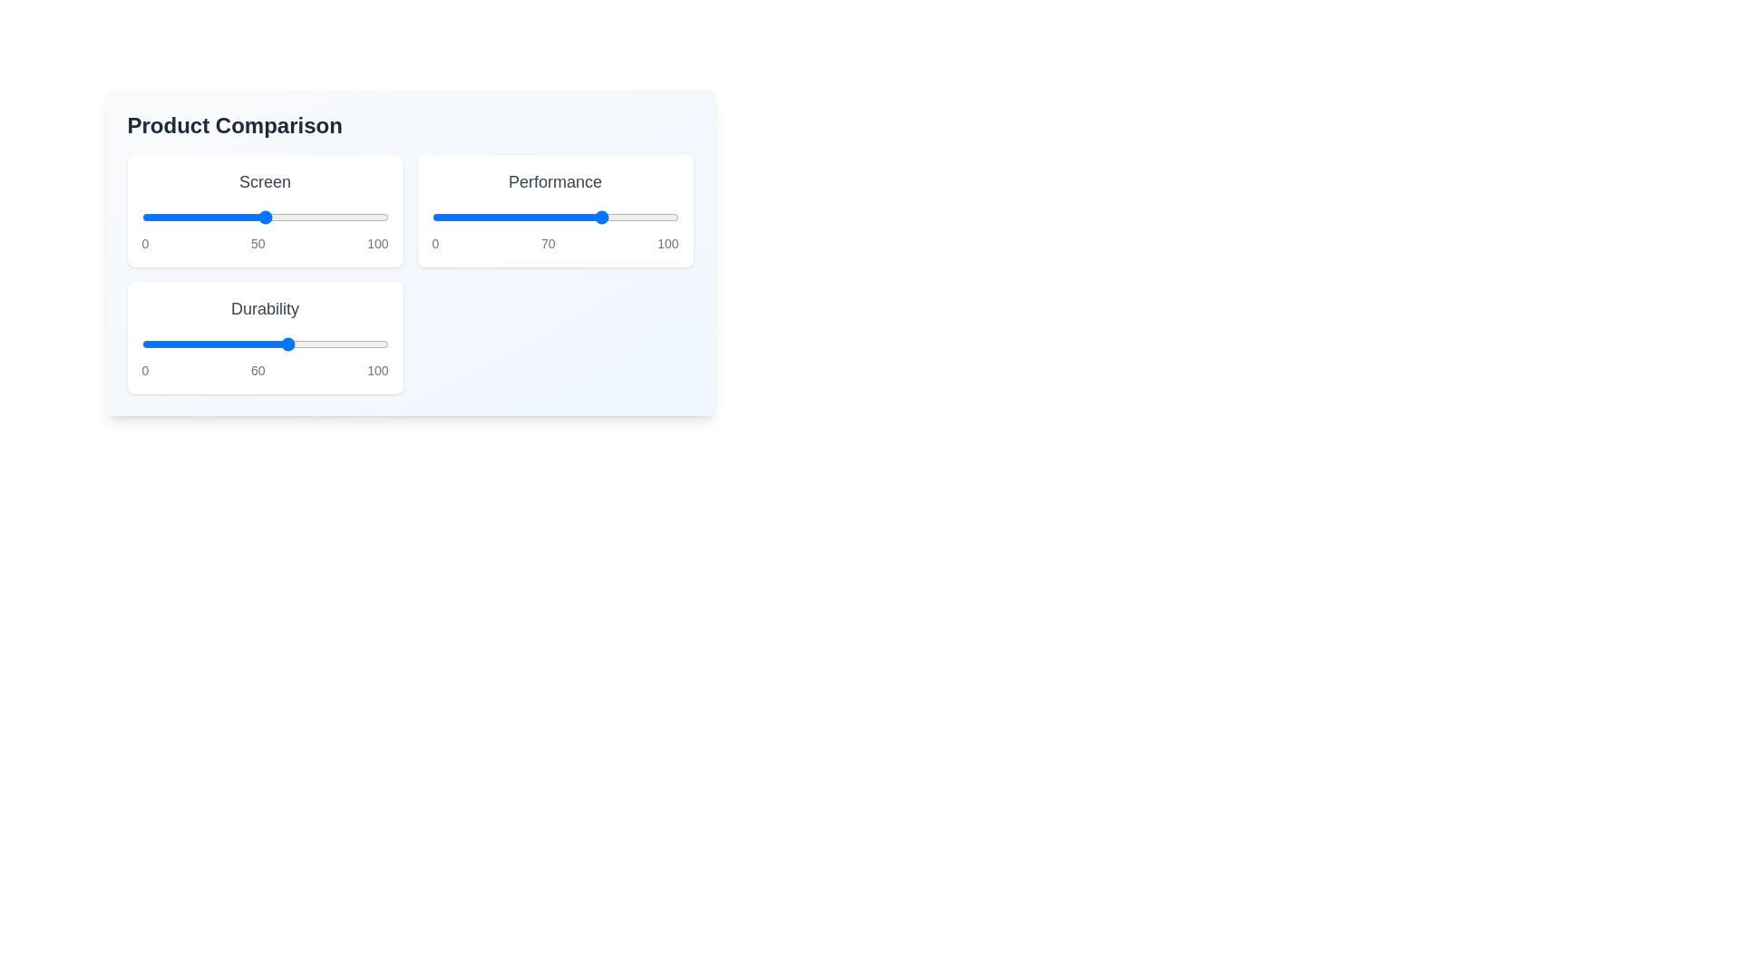 Image resolution: width=1741 pixels, height=979 pixels. What do you see at coordinates (302, 344) in the screenshot?
I see `the 'Durability' slider to 65` at bounding box center [302, 344].